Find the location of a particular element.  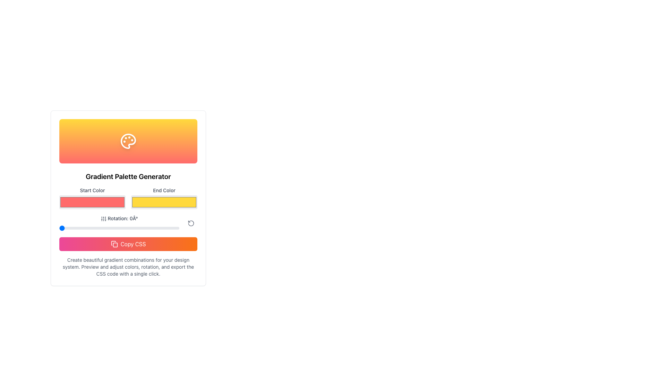

rotation is located at coordinates (121, 228).